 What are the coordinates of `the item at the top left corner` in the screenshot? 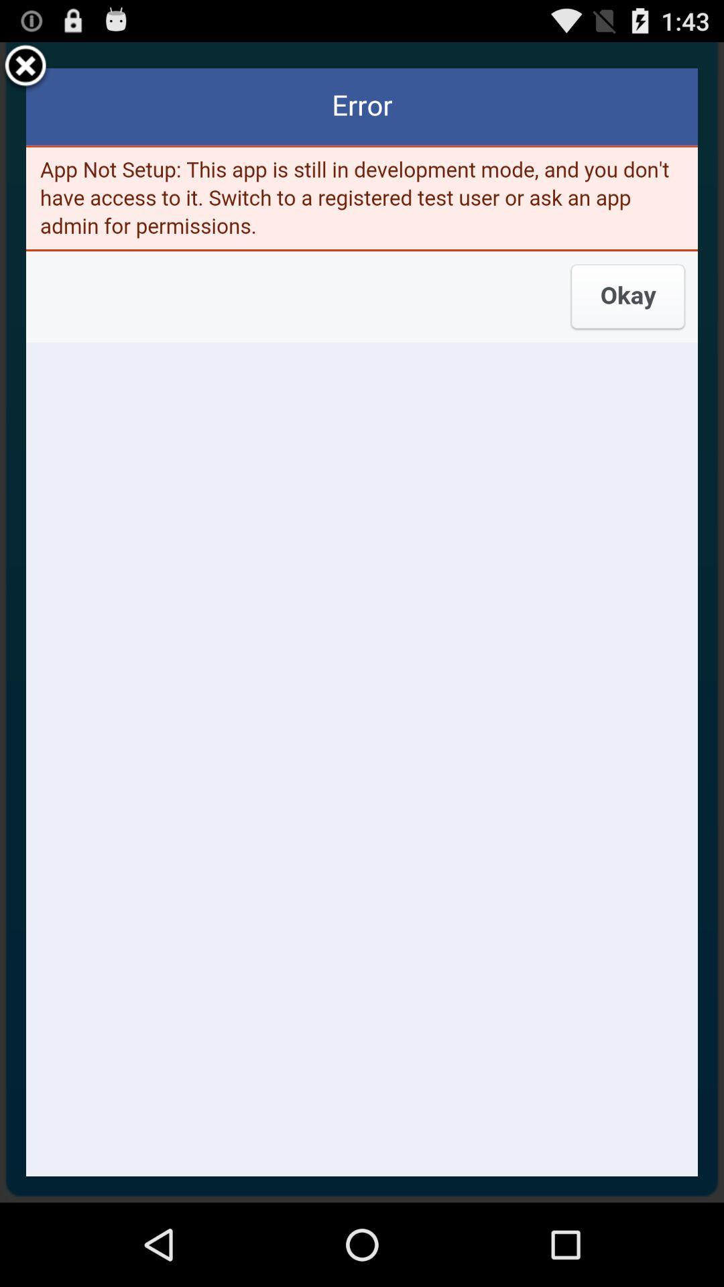 It's located at (25, 67).